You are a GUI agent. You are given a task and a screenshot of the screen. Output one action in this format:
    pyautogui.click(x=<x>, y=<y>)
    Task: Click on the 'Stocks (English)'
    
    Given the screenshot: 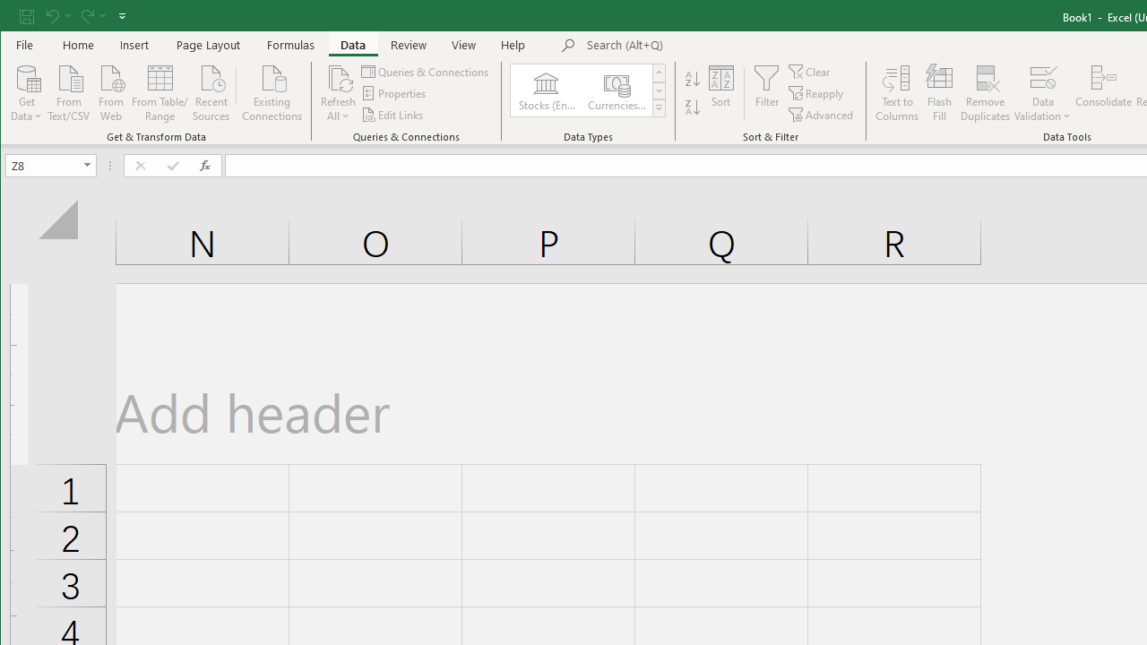 What is the action you would take?
    pyautogui.click(x=545, y=90)
    